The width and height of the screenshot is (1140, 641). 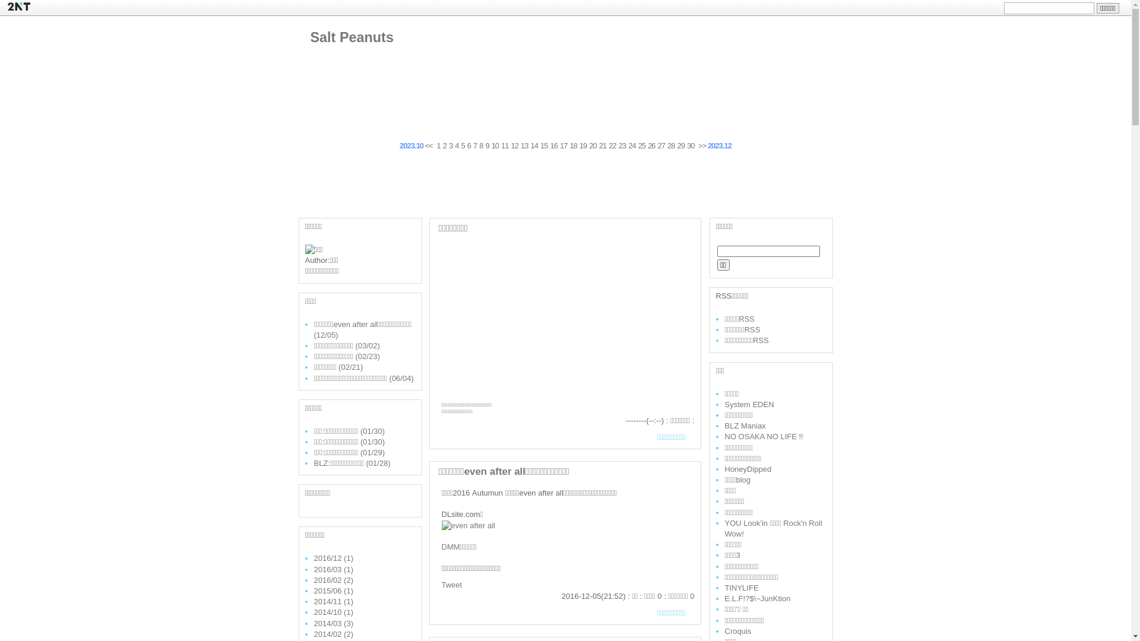 What do you see at coordinates (744, 425) in the screenshot?
I see `'BLZ Maniax'` at bounding box center [744, 425].